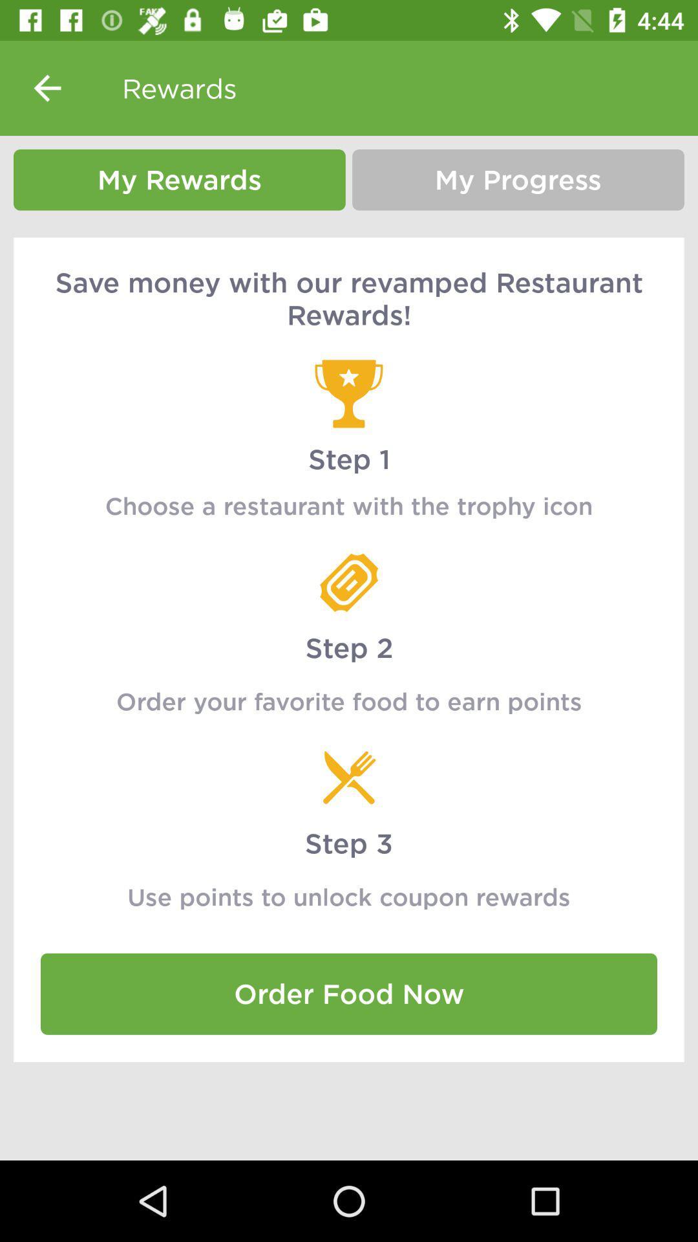 This screenshot has height=1242, width=698. Describe the element at coordinates (47, 87) in the screenshot. I see `the item next to the rewards item` at that location.